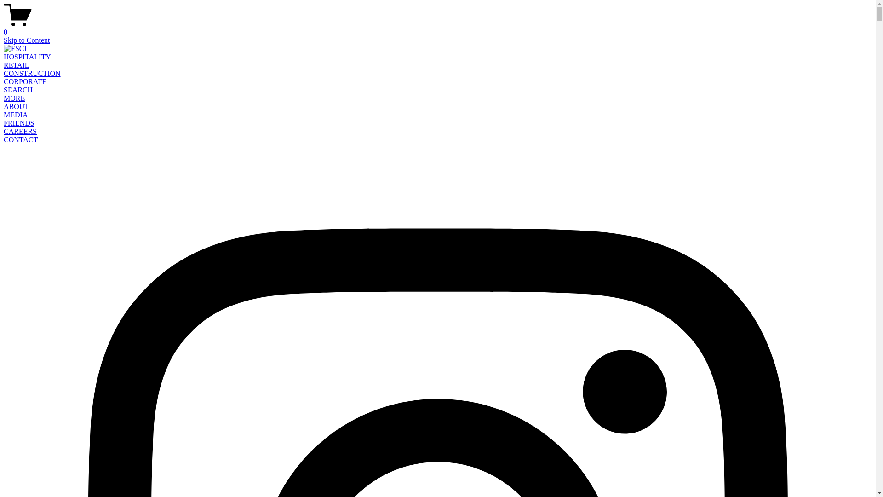 This screenshot has width=883, height=497. What do you see at coordinates (19, 122) in the screenshot?
I see `'FRIENDS'` at bounding box center [19, 122].